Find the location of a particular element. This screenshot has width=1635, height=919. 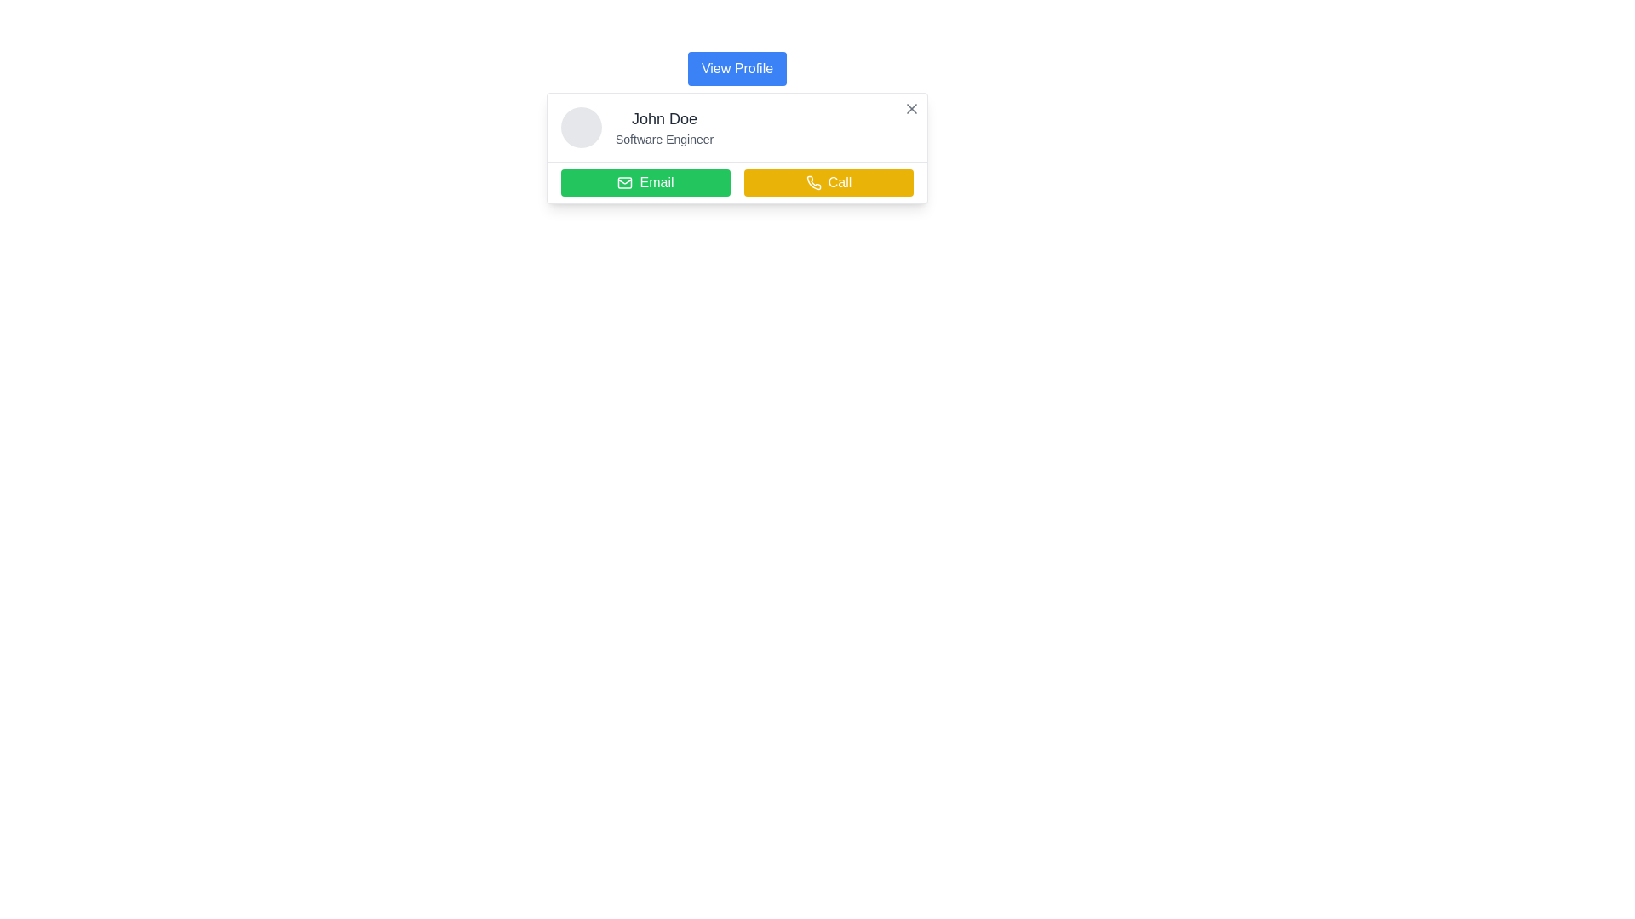

the circular placeholder or avatar image located at the top left corner of the row layout next to 'John Doe' and 'Software Engineer' is located at coordinates (581, 127).